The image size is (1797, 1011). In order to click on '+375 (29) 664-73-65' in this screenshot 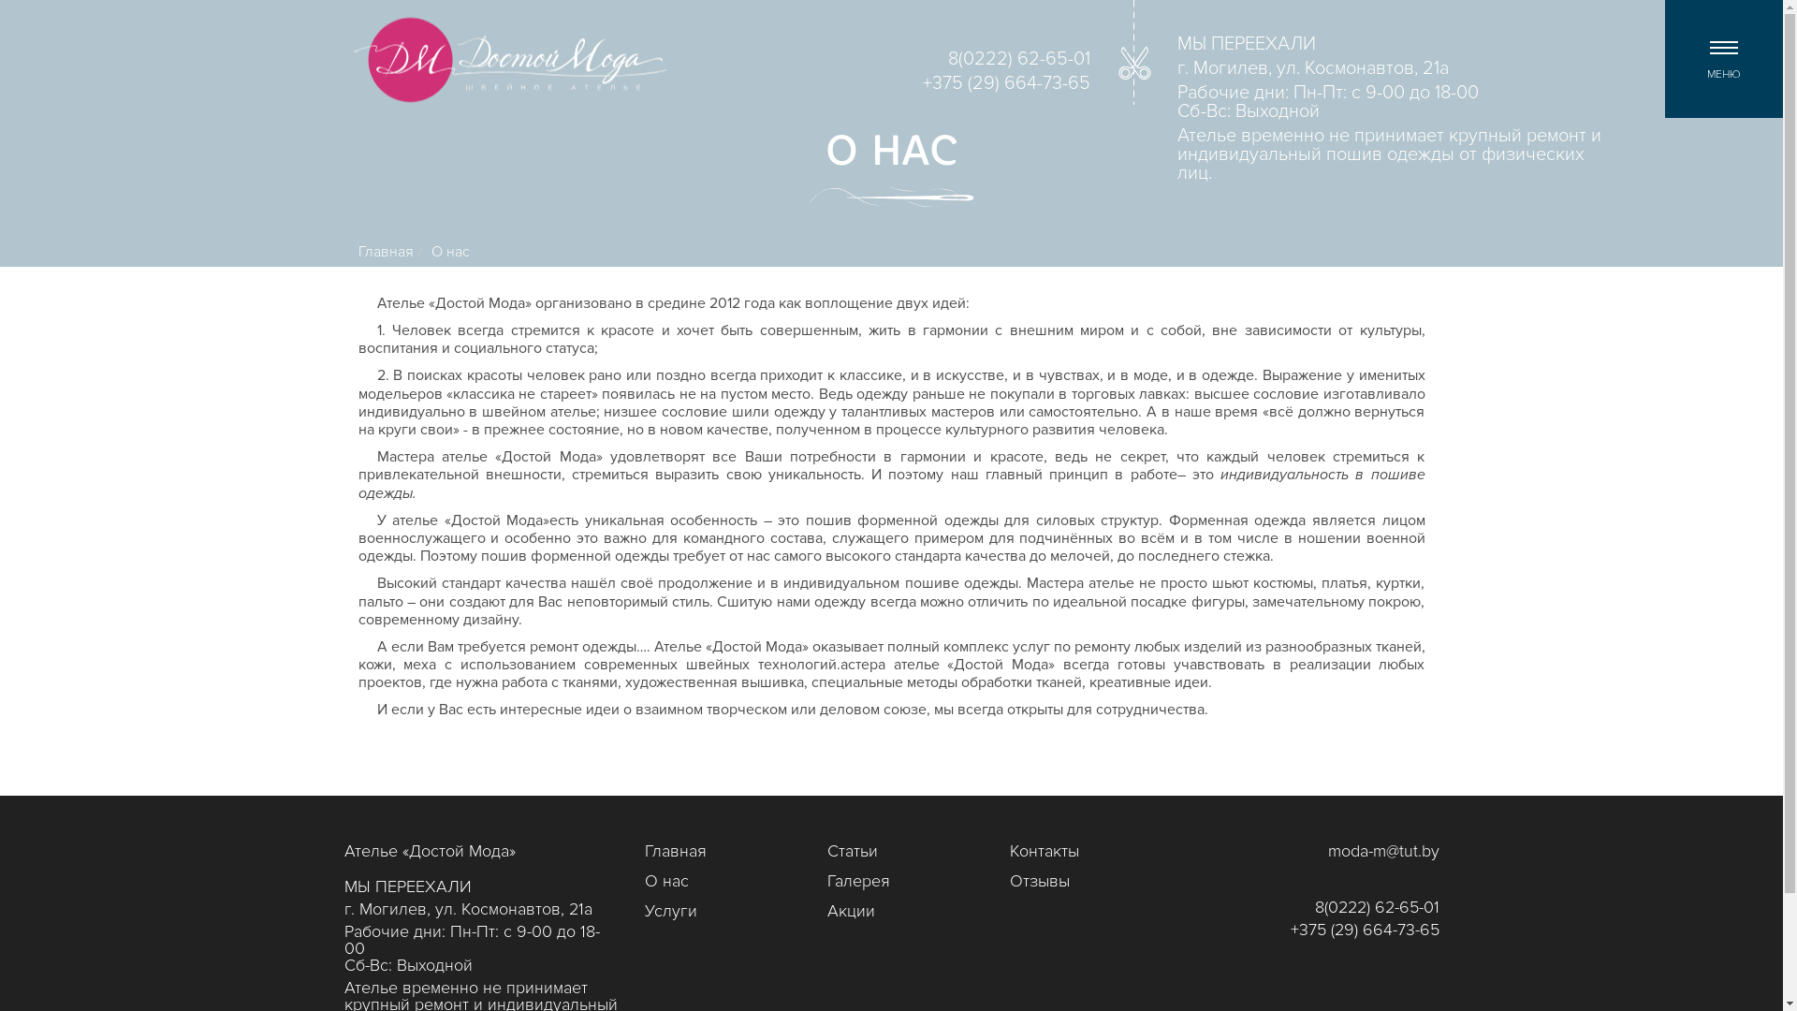, I will do `click(1005, 84)`.